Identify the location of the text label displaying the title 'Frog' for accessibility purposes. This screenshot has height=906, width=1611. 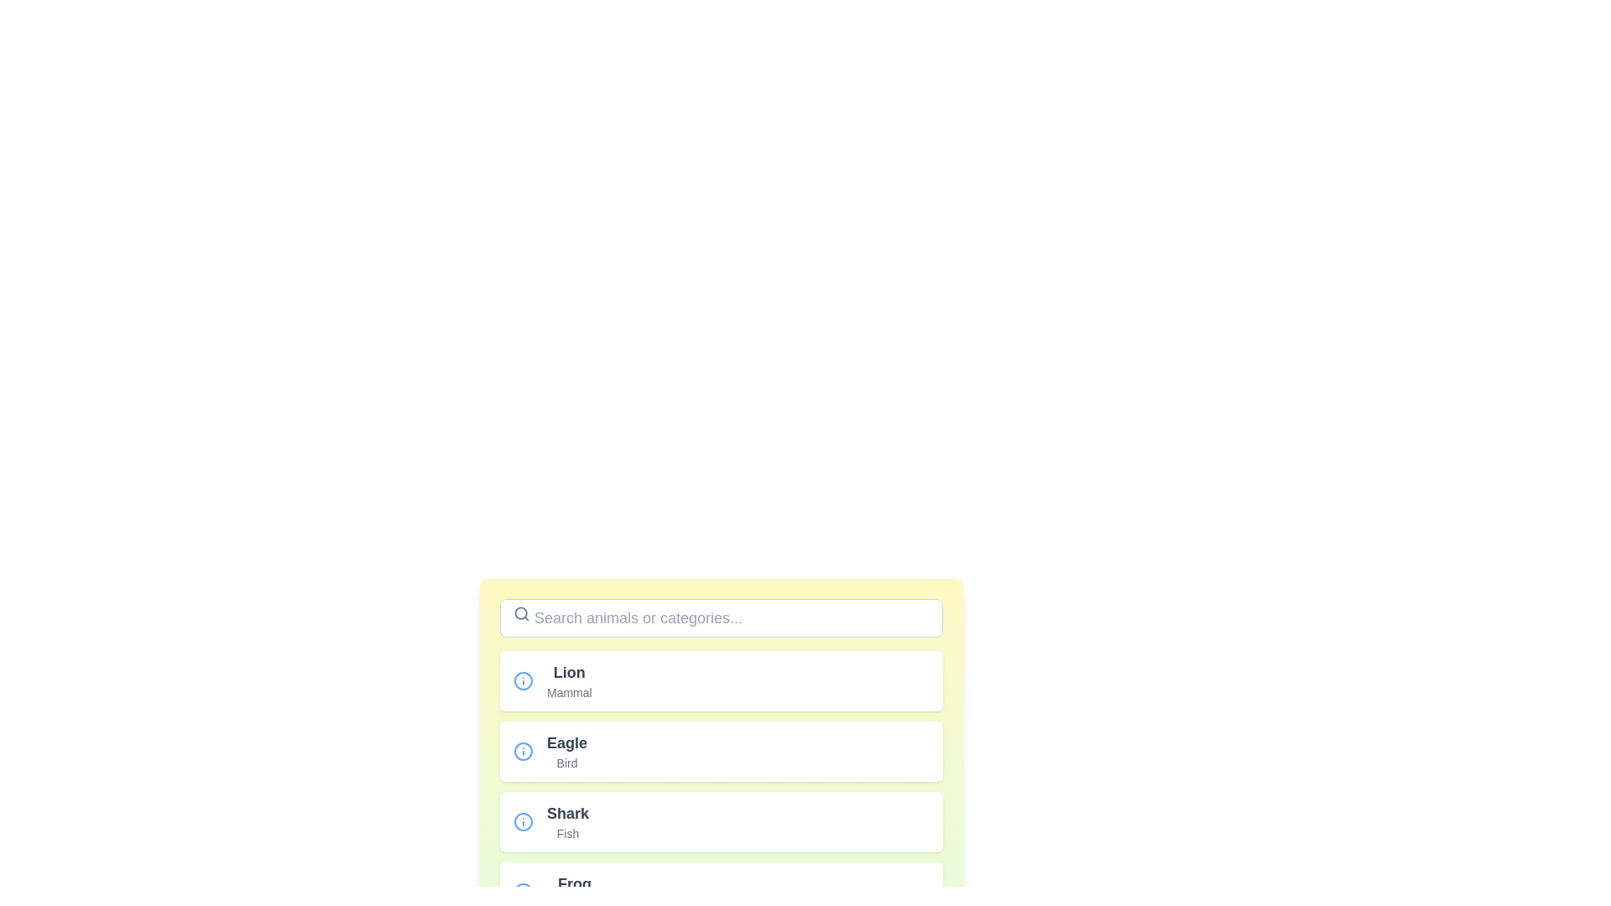
(575, 883).